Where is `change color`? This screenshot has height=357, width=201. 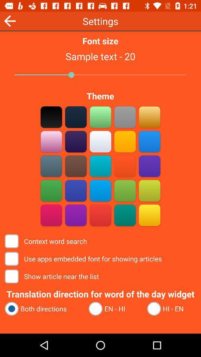
change color is located at coordinates (76, 215).